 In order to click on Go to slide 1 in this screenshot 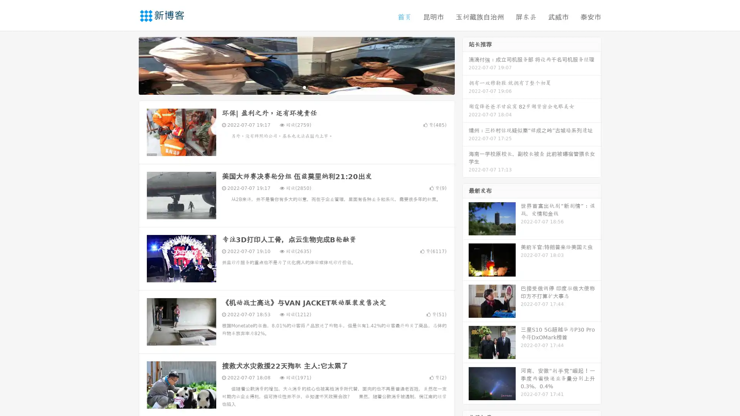, I will do `click(288, 87)`.